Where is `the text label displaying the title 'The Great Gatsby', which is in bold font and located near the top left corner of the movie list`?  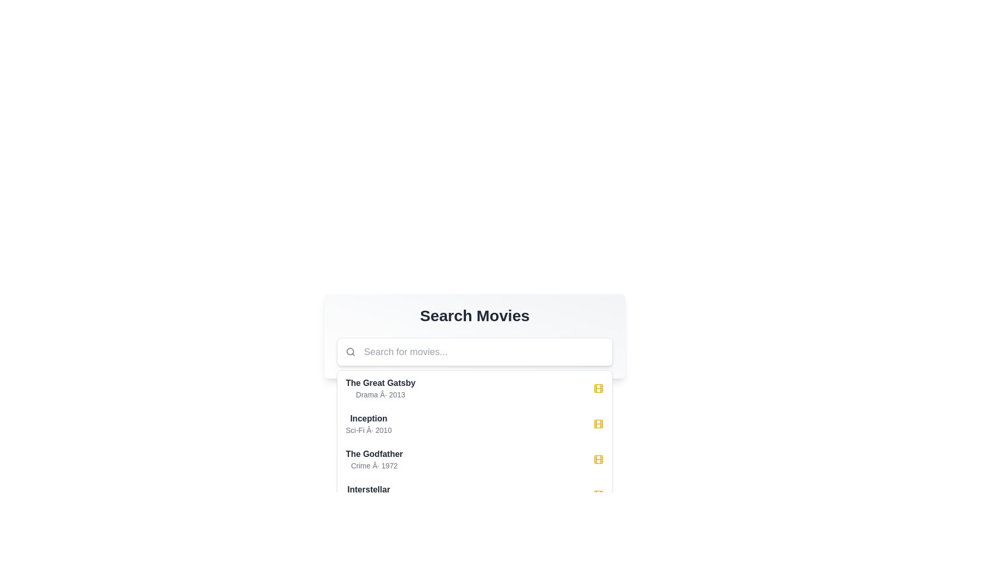 the text label displaying the title 'The Great Gatsby', which is in bold font and located near the top left corner of the movie list is located at coordinates (380, 383).